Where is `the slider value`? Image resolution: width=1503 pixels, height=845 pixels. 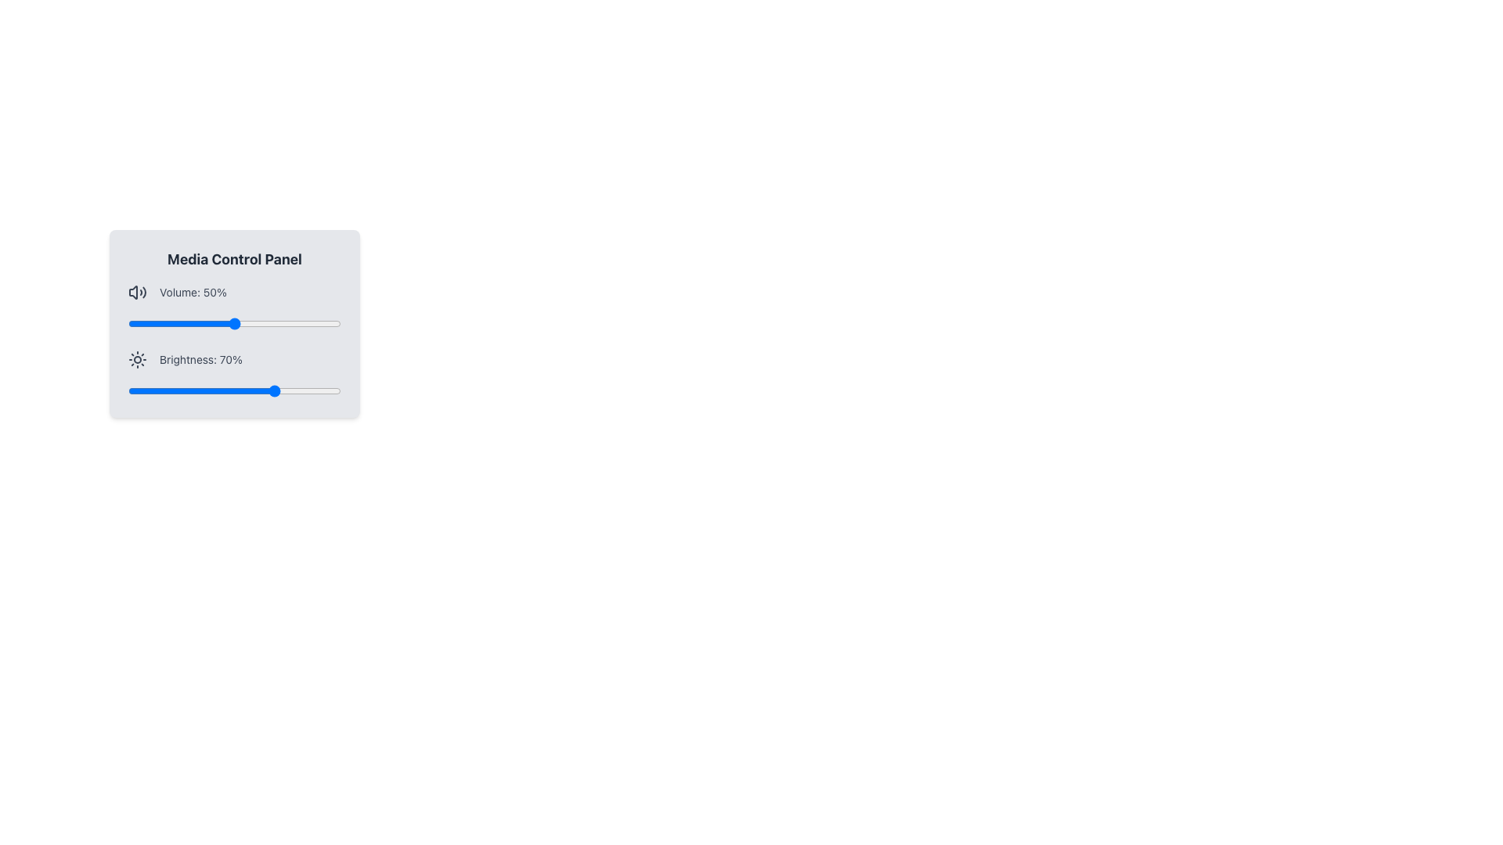 the slider value is located at coordinates (196, 322).